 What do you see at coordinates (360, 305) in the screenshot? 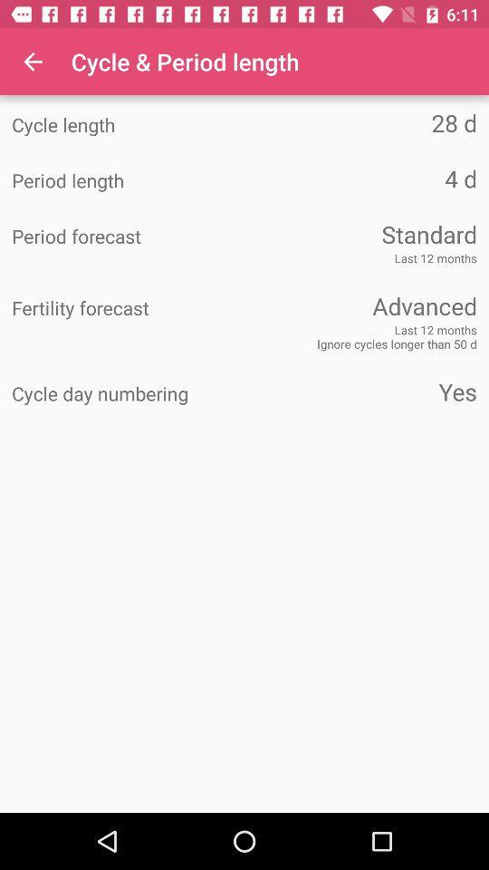
I see `the icon below the last 12 months` at bounding box center [360, 305].